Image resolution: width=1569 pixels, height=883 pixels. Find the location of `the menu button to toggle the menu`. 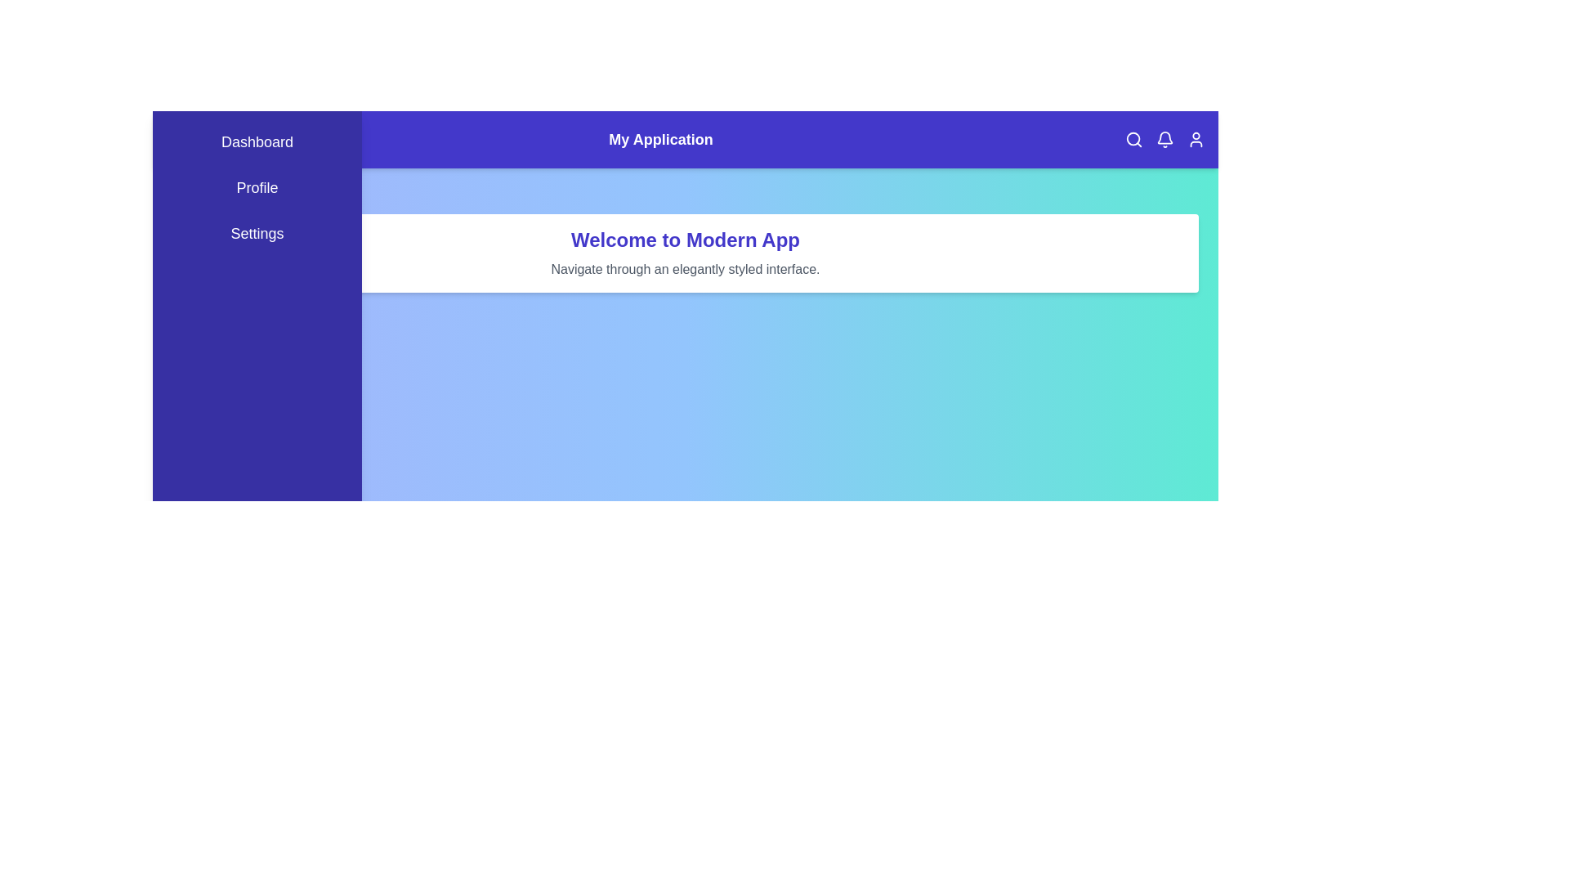

the menu button to toggle the menu is located at coordinates (181, 138).